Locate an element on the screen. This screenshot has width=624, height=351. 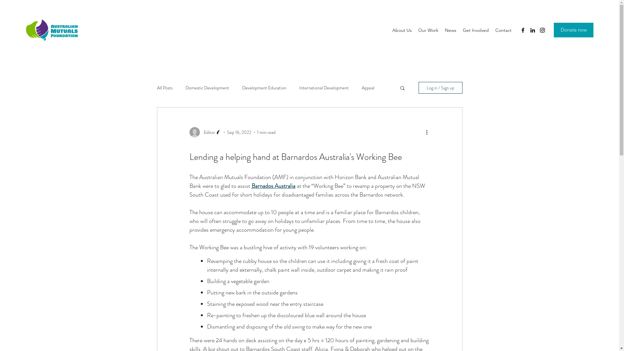
'Barnados Australia' is located at coordinates (273, 186).